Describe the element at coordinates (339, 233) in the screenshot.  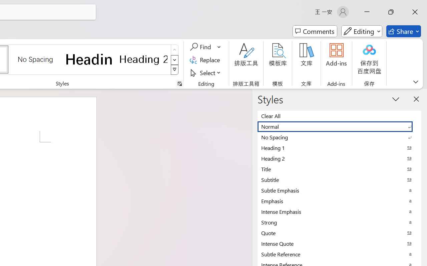
I see `'Quote'` at that location.